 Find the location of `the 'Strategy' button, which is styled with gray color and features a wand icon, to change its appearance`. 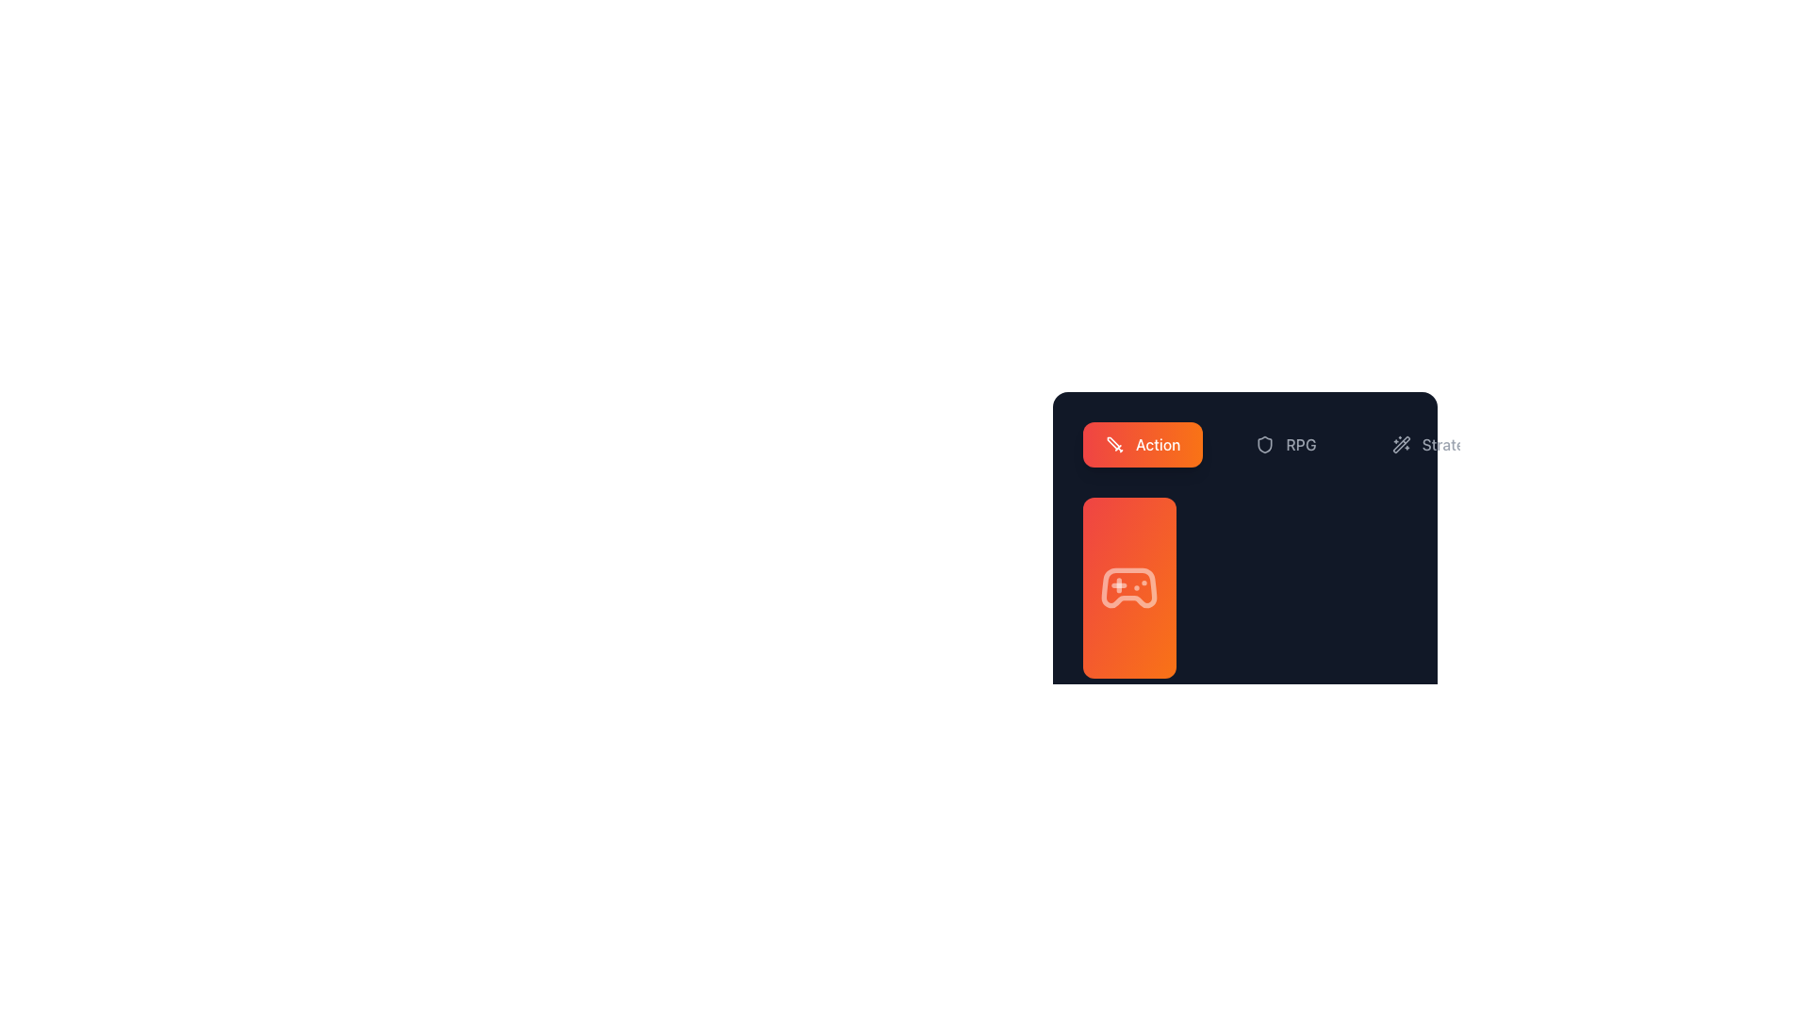

the 'Strategy' button, which is styled with gray color and features a wand icon, to change its appearance is located at coordinates (1436, 444).